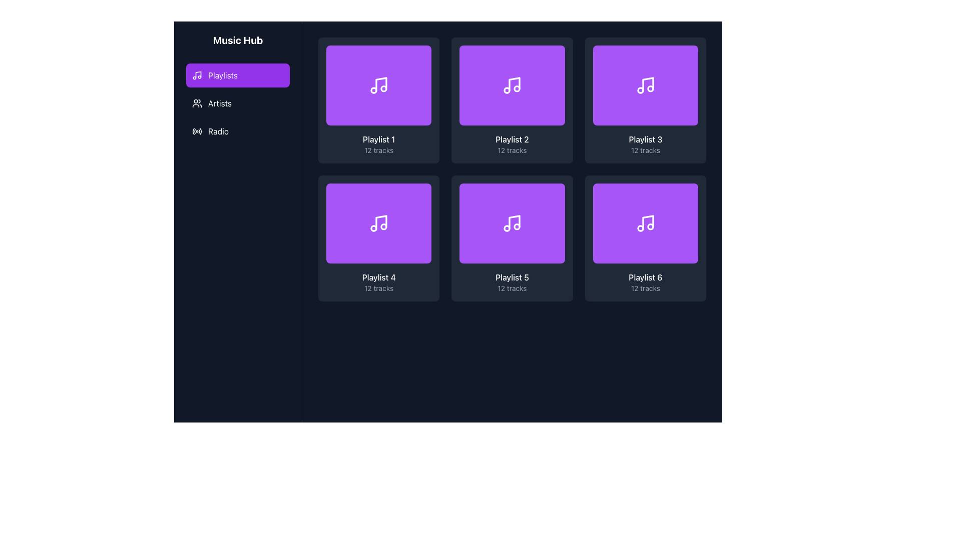  Describe the element at coordinates (218, 130) in the screenshot. I see `the 'Radio' menu item, which is the third text label` at that location.